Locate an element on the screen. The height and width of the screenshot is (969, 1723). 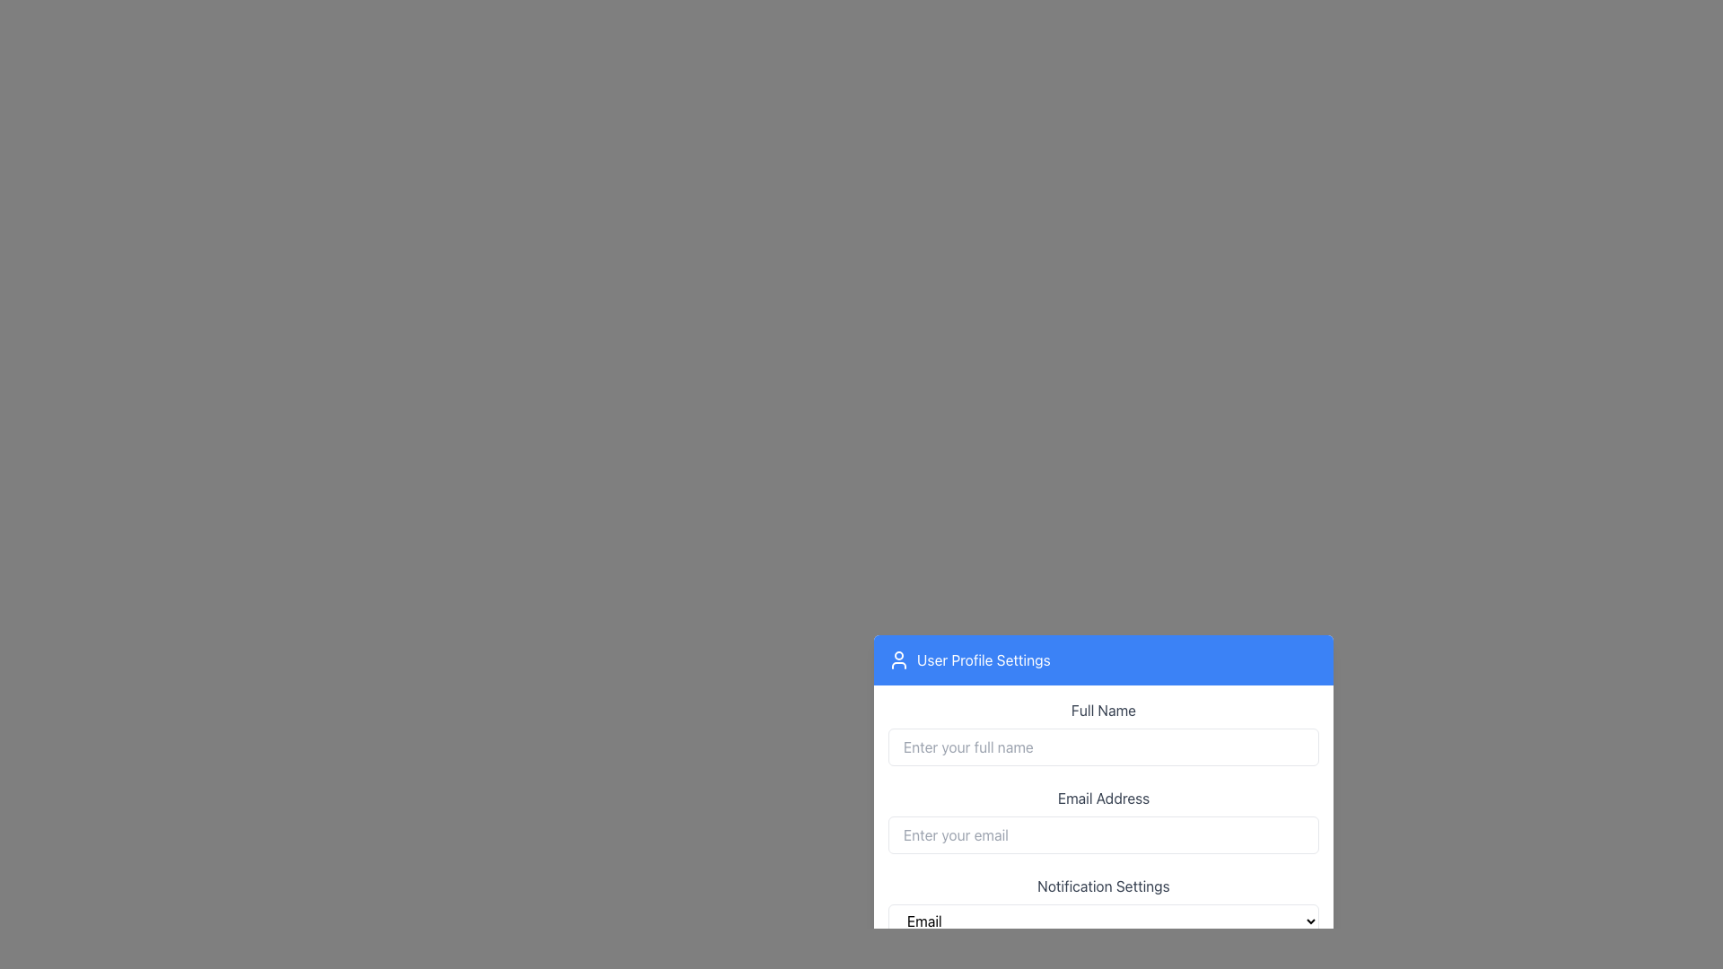
the 'Full Name' label, which is a gray text element centered above the text input field in the 'User Profile Settings' section is located at coordinates (1102, 709).